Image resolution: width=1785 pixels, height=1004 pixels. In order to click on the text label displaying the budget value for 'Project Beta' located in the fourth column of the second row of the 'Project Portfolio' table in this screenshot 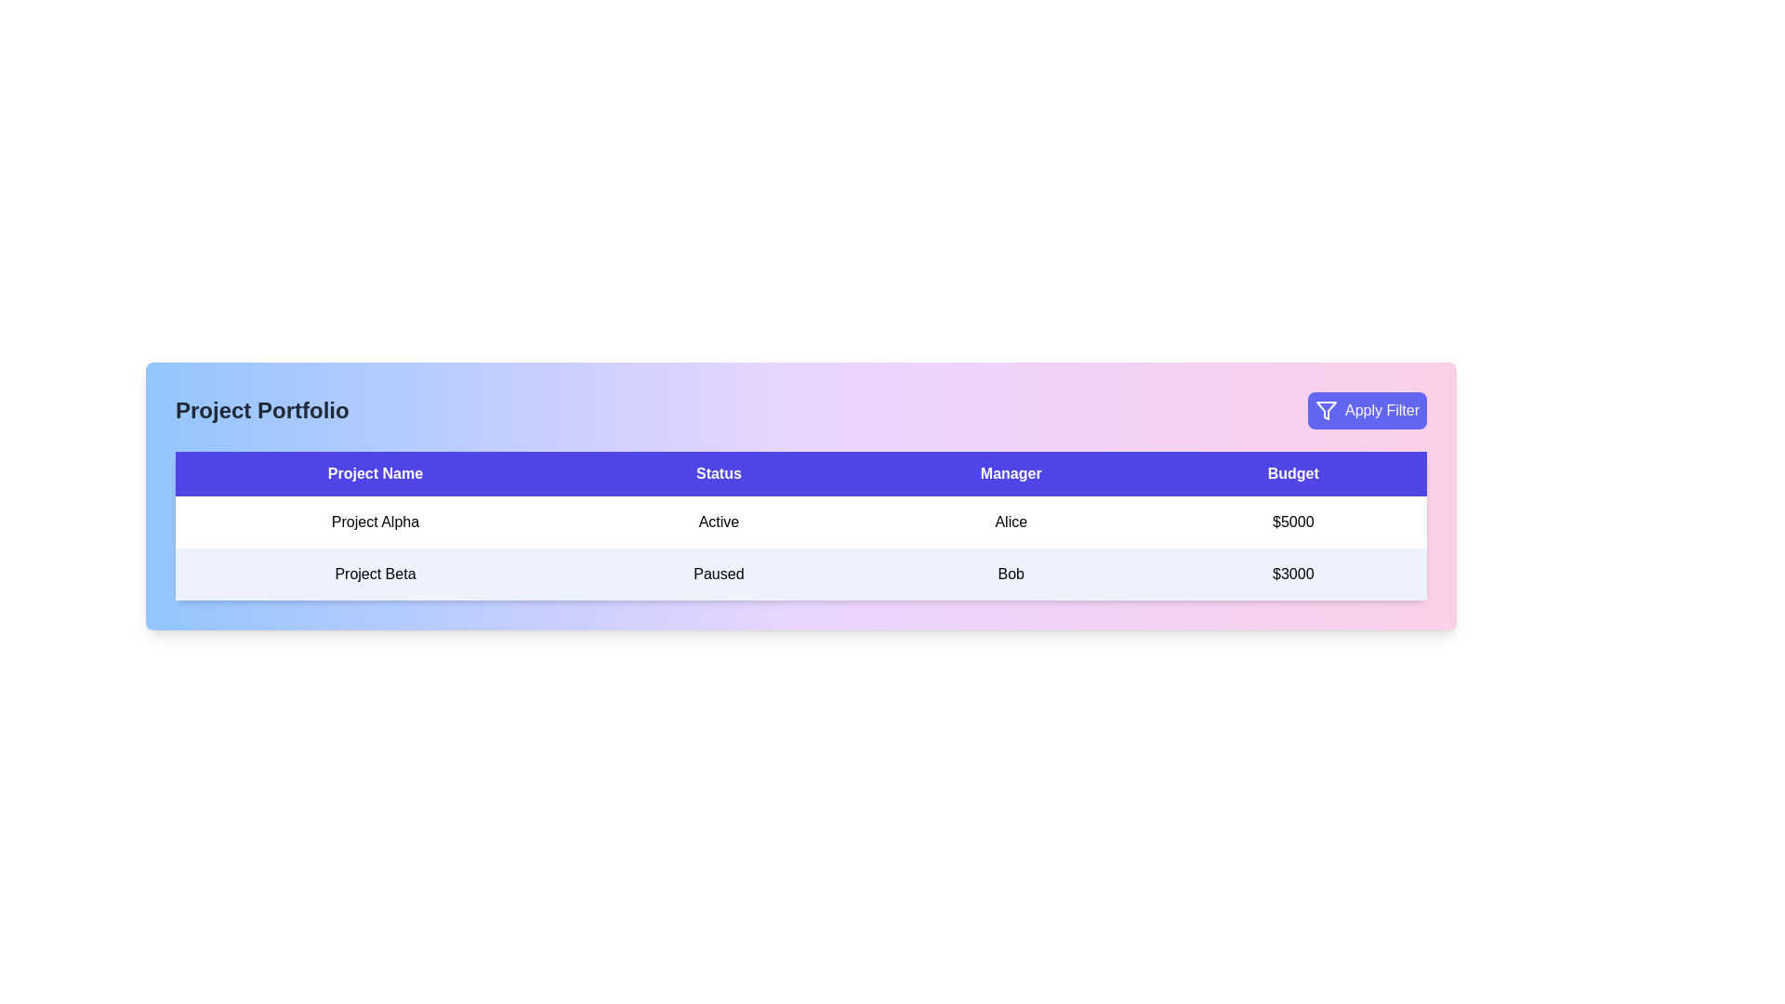, I will do `click(1292, 573)`.